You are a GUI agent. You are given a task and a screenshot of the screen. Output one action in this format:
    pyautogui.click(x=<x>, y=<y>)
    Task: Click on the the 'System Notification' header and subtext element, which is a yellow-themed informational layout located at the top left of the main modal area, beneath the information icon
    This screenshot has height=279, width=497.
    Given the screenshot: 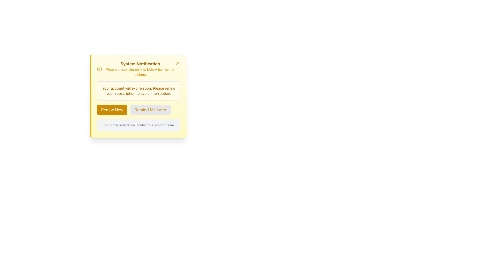 What is the action you would take?
    pyautogui.click(x=140, y=68)
    